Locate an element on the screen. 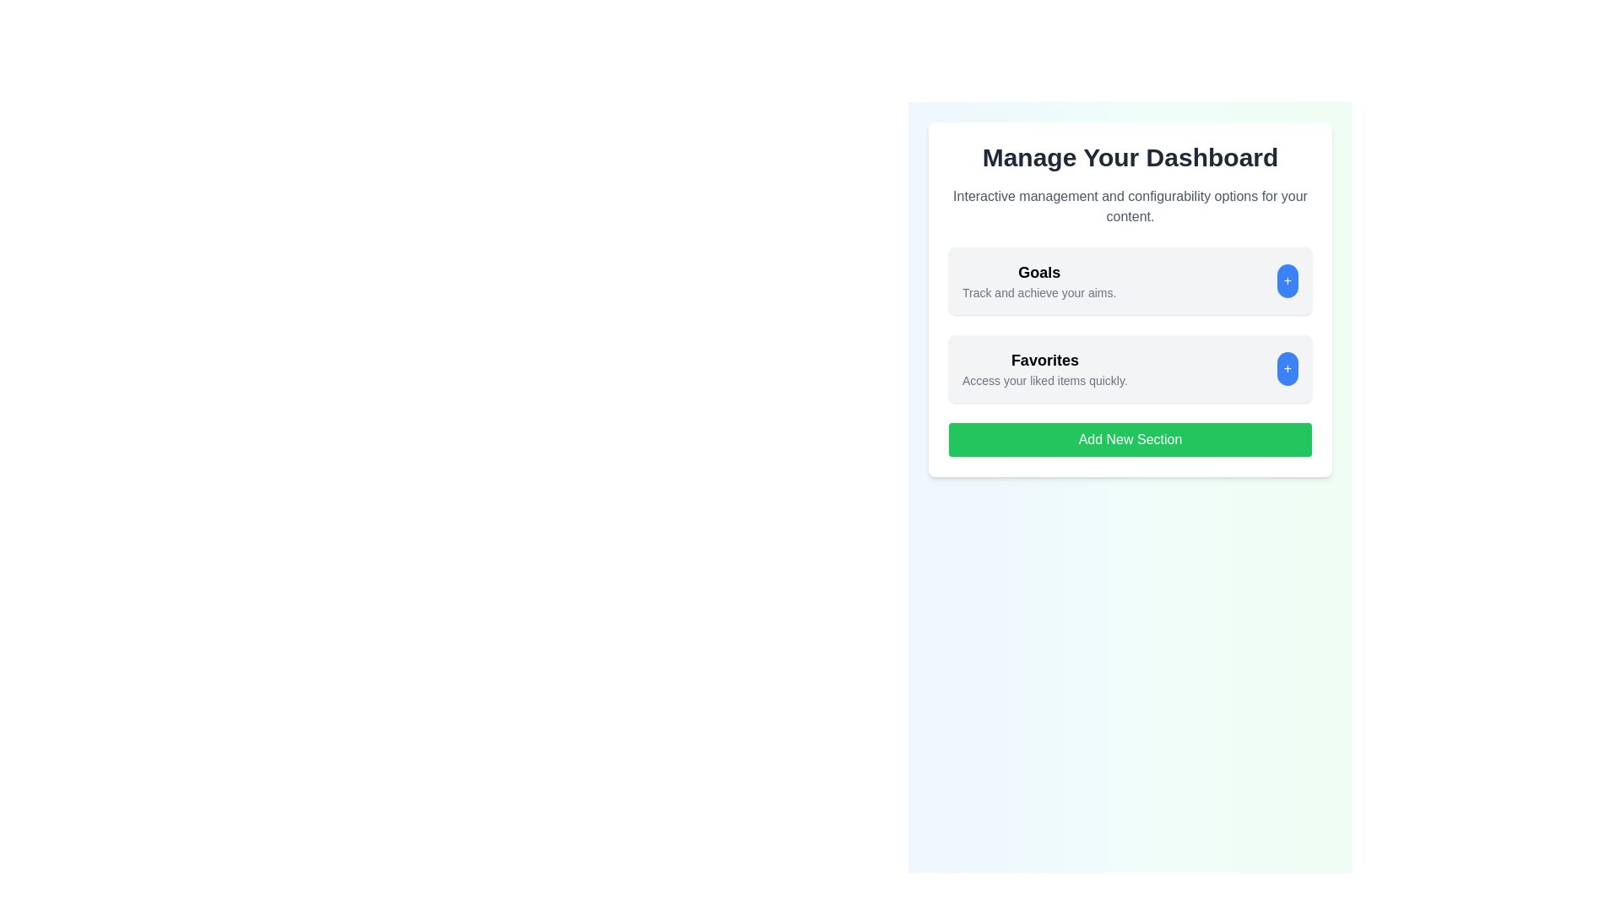  text label that serves as a heading for the section related to tracking and achieving goals, positioned above the subtitle 'Track and achieve your aims.' is located at coordinates (1038, 272).